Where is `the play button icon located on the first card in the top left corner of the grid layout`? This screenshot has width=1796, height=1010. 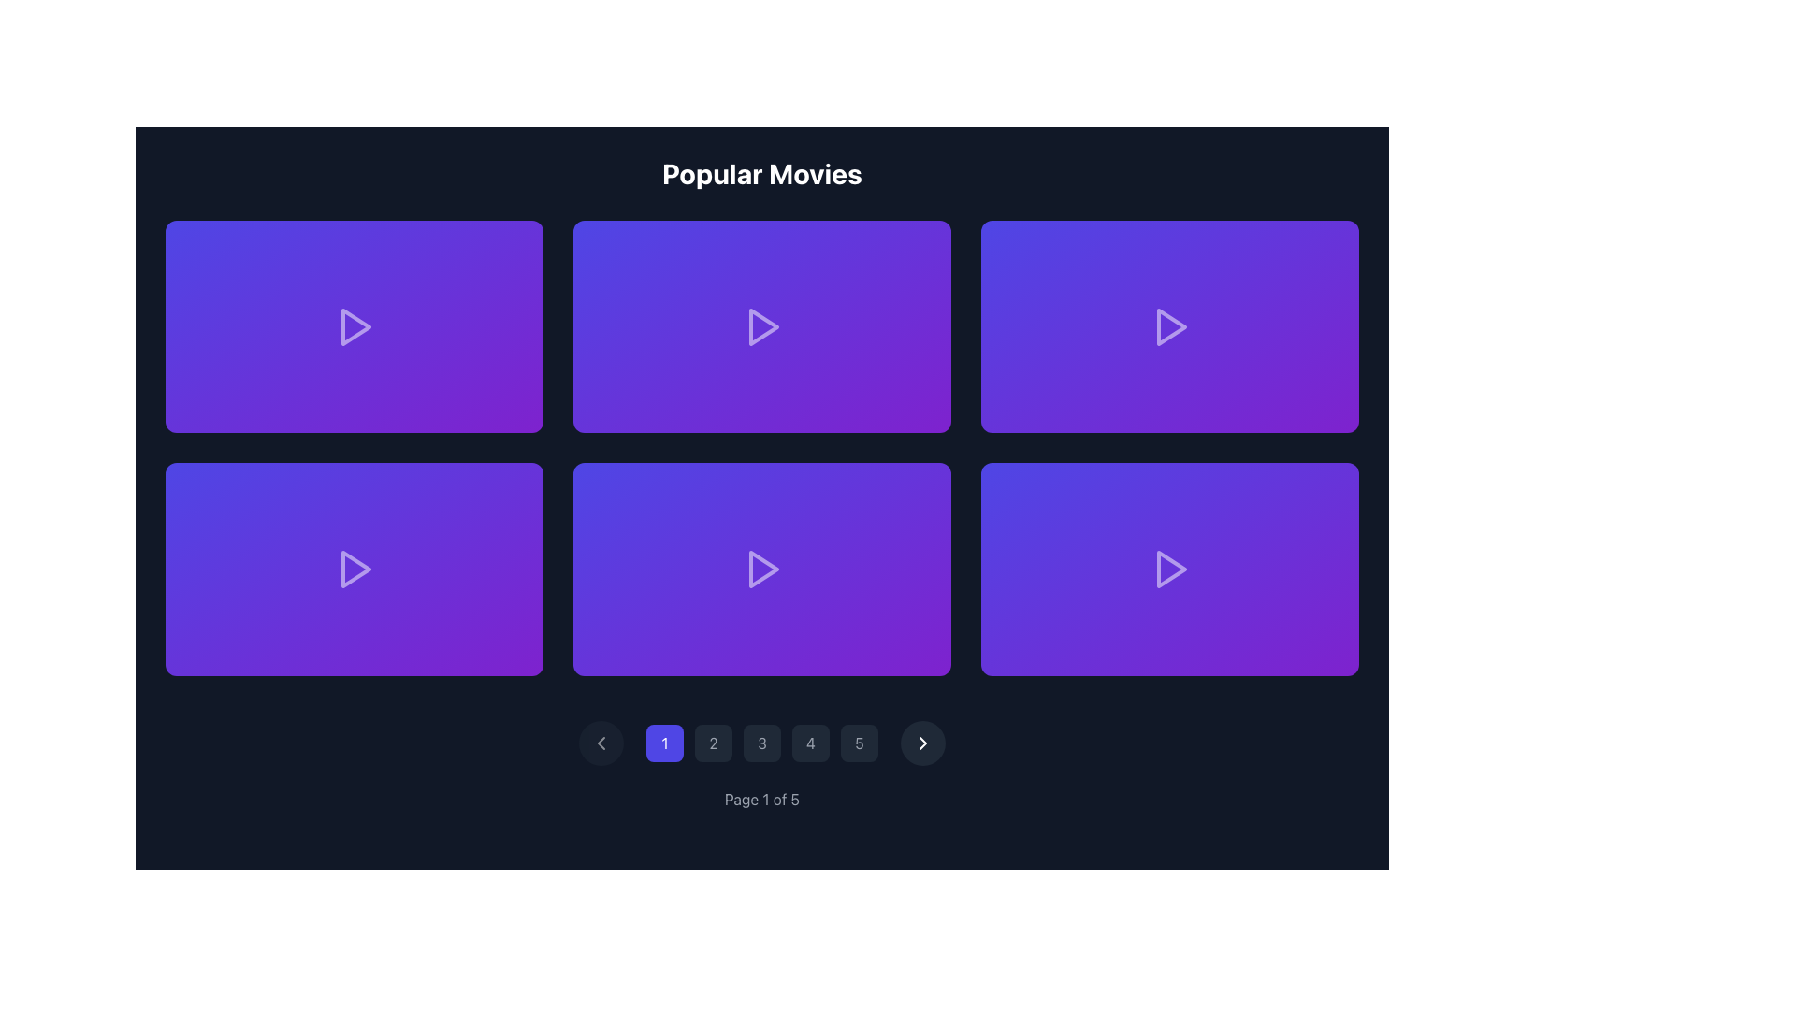 the play button icon located on the first card in the top left corner of the grid layout is located at coordinates (355, 325).